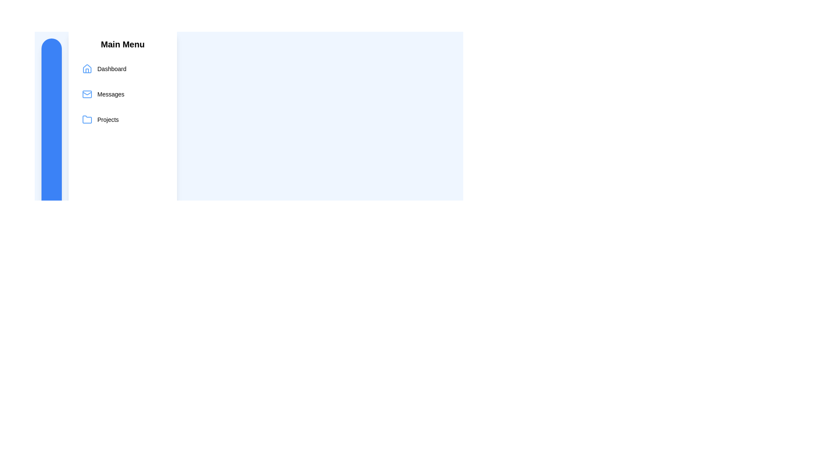 This screenshot has width=813, height=457. Describe the element at coordinates (122, 119) in the screenshot. I see `the menu item Projects in the drawer` at that location.